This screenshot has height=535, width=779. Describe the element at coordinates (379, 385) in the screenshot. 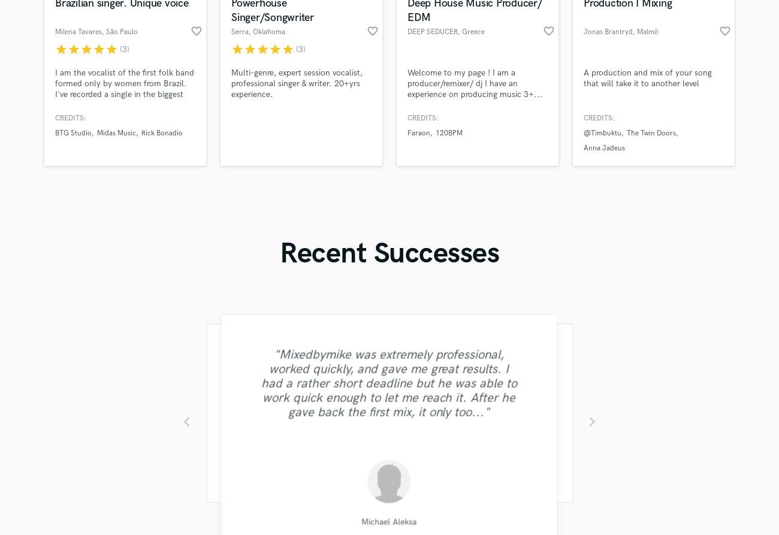

I see `'"His price was low and his mixing was good. It is easy to tell that Irving knows what he's doing. Thanks!"'` at that location.